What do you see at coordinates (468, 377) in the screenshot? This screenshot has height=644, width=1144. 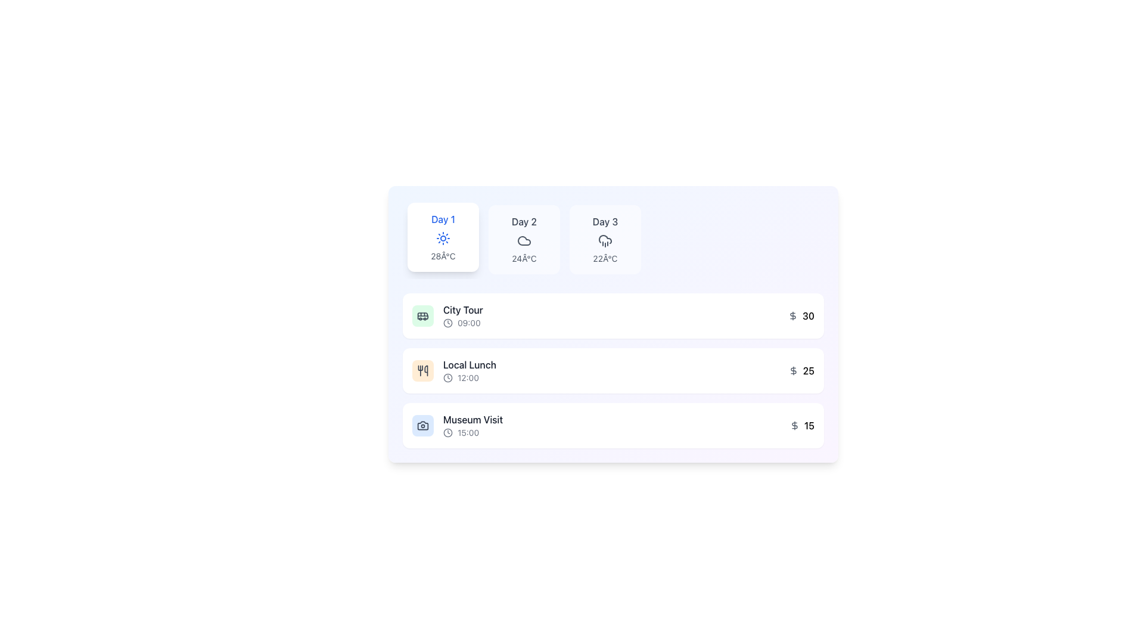 I see `the text displaying the scheduled time for the 'Local Lunch' event, which is positioned directly to the right of a clock icon` at bounding box center [468, 377].